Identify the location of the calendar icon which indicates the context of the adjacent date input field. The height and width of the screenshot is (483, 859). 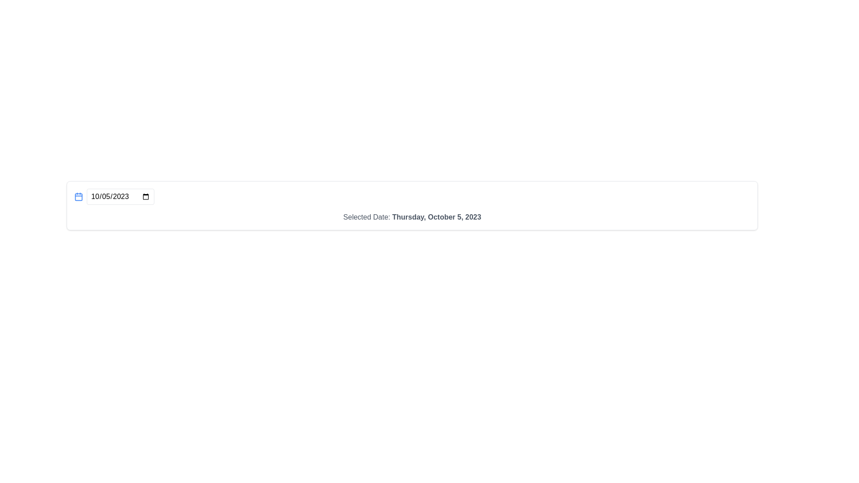
(79, 196).